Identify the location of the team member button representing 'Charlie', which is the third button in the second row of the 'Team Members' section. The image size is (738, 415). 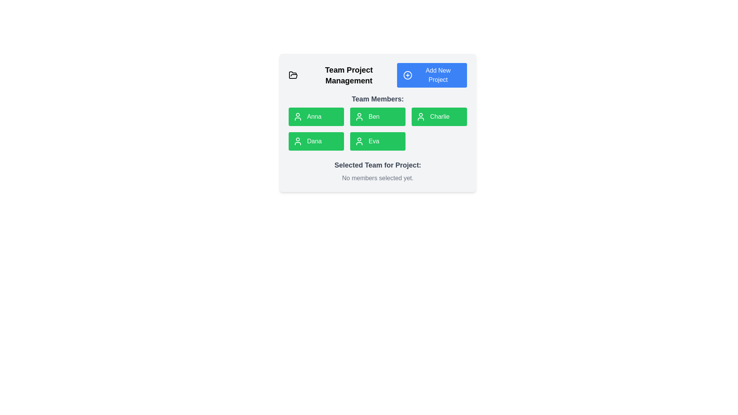
(420, 117).